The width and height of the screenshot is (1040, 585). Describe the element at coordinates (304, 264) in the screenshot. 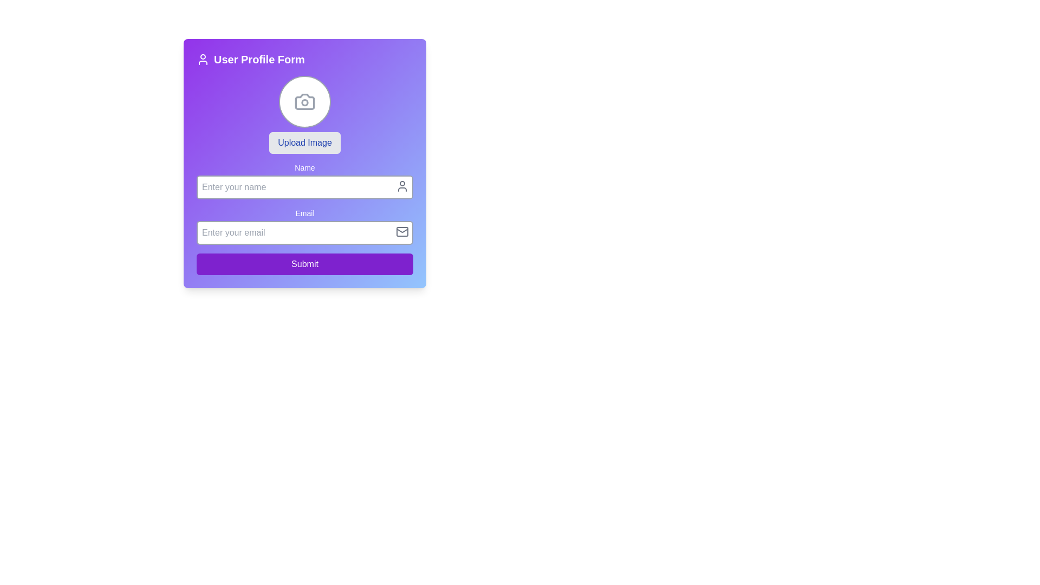

I see `the purple 'Submit' button with rounded corners located in the 'User Profile Form' section` at that location.